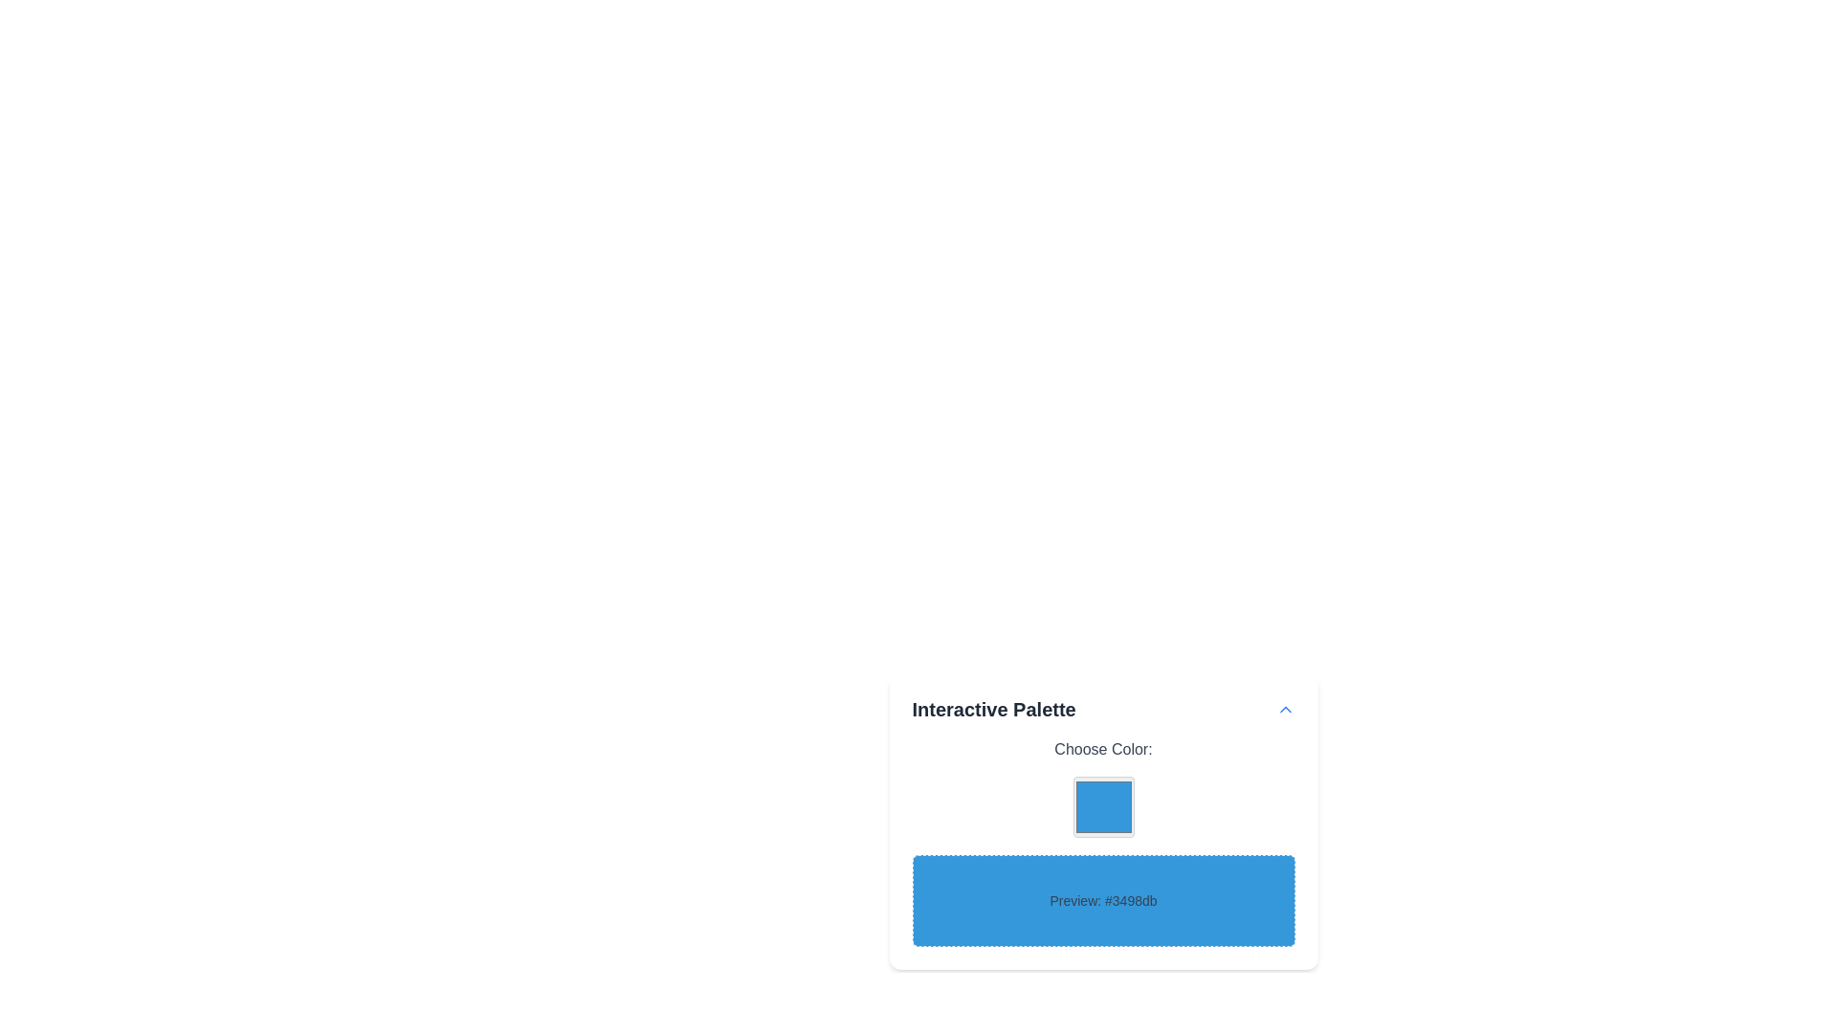 This screenshot has width=1837, height=1033. I want to click on the blue upward-facing chevron button located at the top-right corner of the 'Interactive Palette', so click(1285, 709).